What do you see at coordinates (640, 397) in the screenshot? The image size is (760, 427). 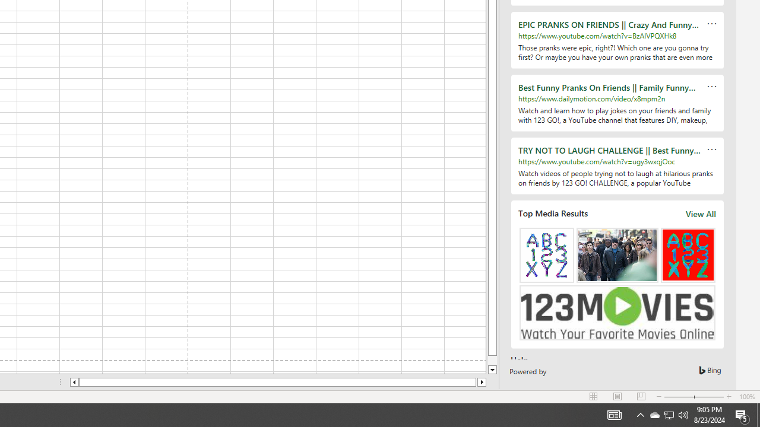 I see `'Page Break Preview'` at bounding box center [640, 397].